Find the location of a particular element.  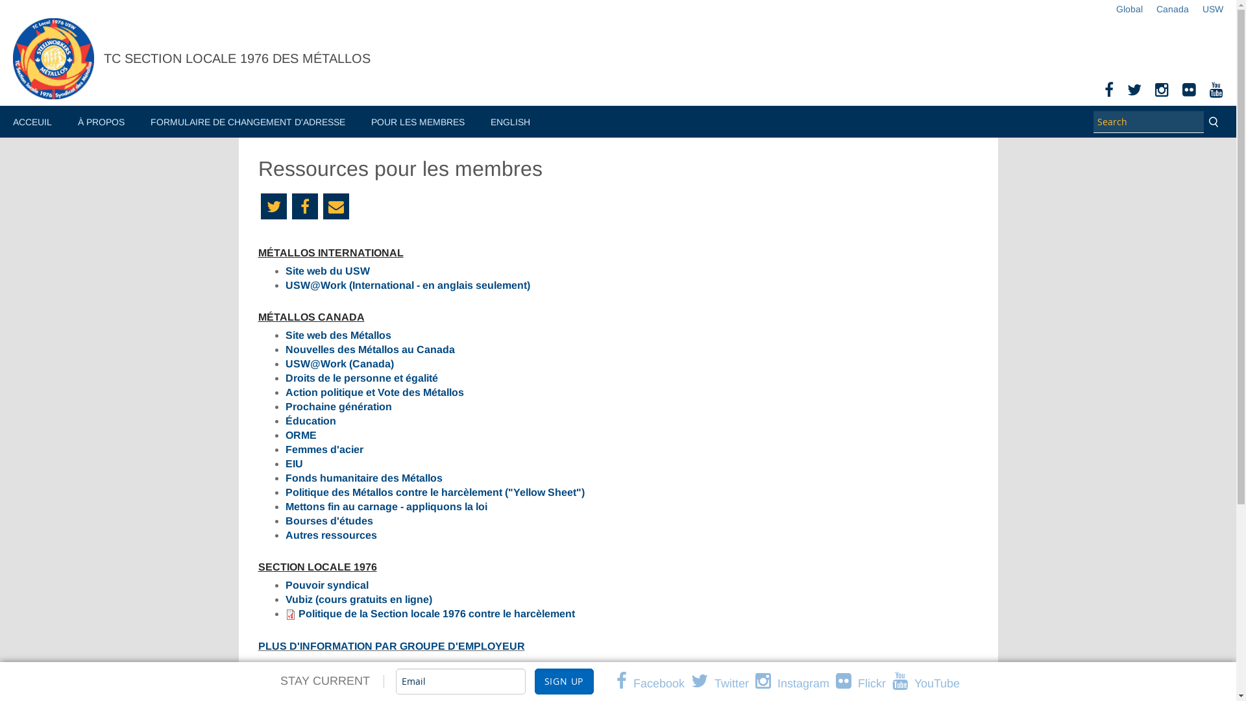

'ENGLISH' is located at coordinates (509, 123).